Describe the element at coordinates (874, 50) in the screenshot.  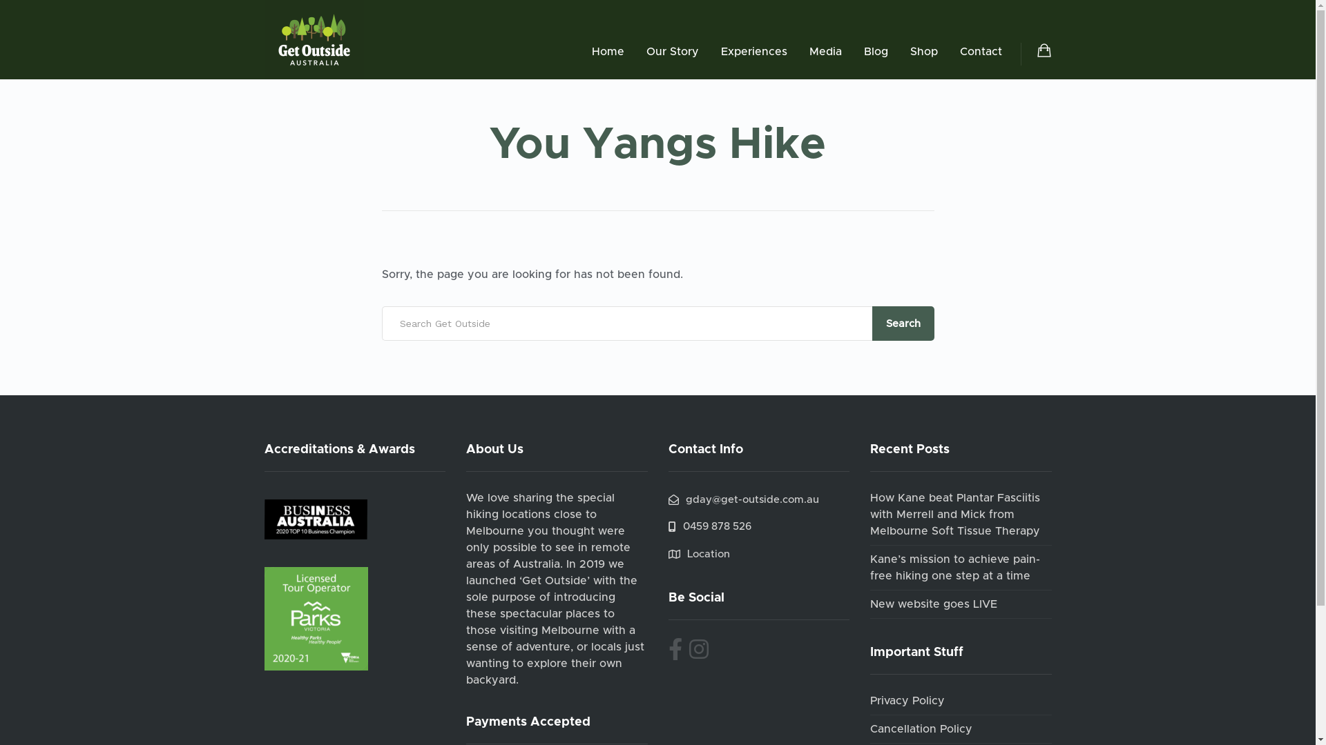
I see `'Blog'` at that location.